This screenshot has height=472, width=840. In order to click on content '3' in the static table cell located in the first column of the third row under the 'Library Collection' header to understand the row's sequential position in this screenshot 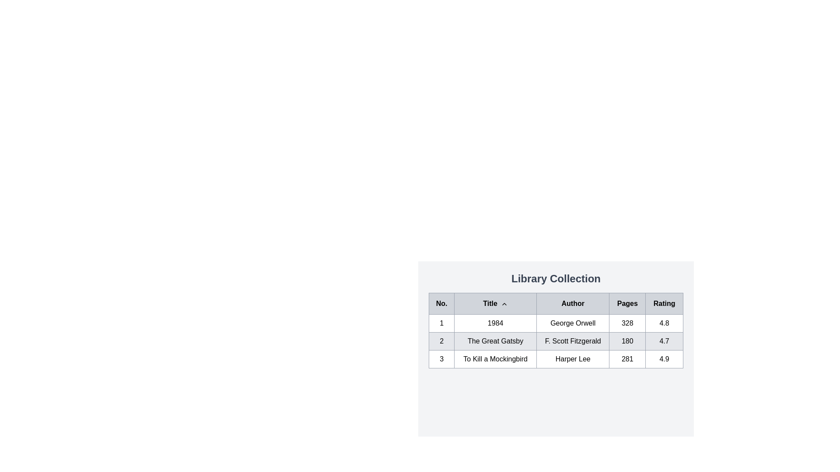, I will do `click(441, 359)`.